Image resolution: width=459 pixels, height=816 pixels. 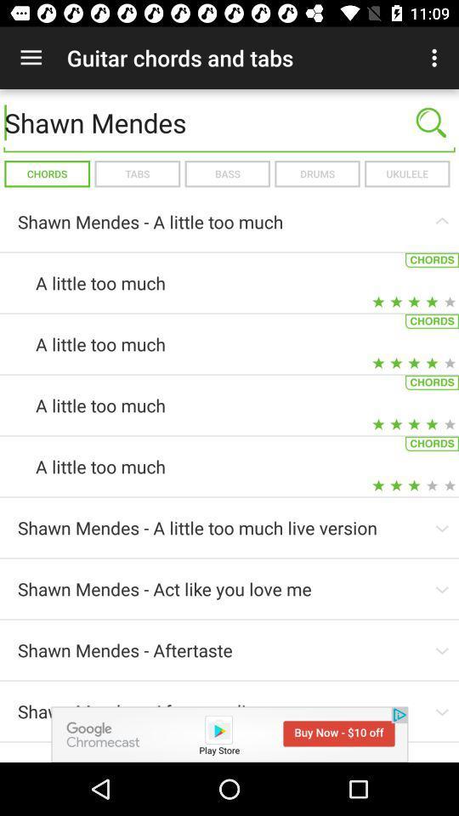 I want to click on make add, so click(x=229, y=734).